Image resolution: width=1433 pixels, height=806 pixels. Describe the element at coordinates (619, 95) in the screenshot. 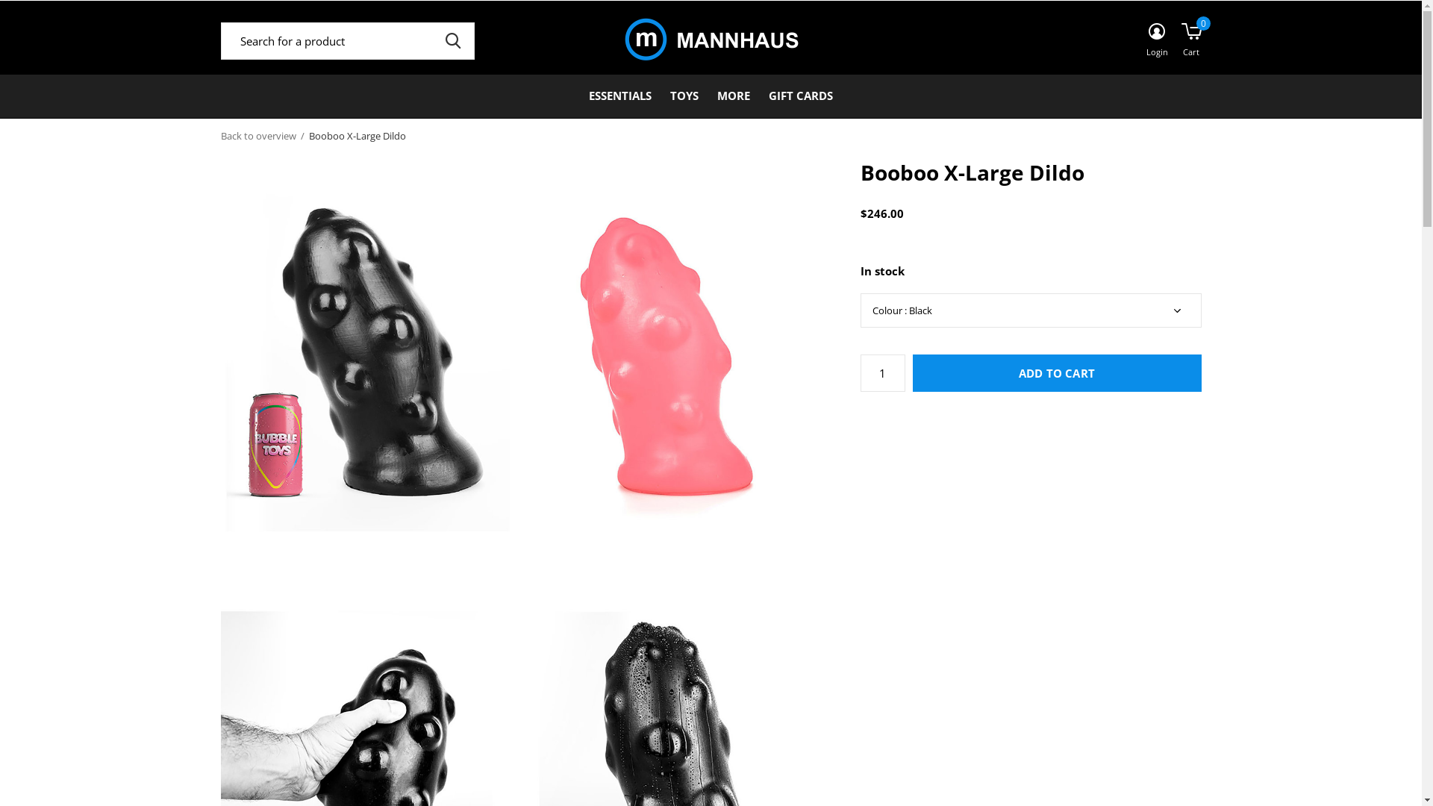

I see `'ESSENTIALS'` at that location.